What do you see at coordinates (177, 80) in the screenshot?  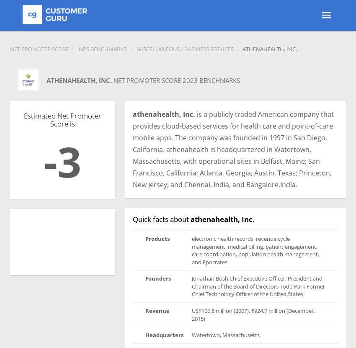 I see `'Net Promoter Score 2023 Benchmarks'` at bounding box center [177, 80].